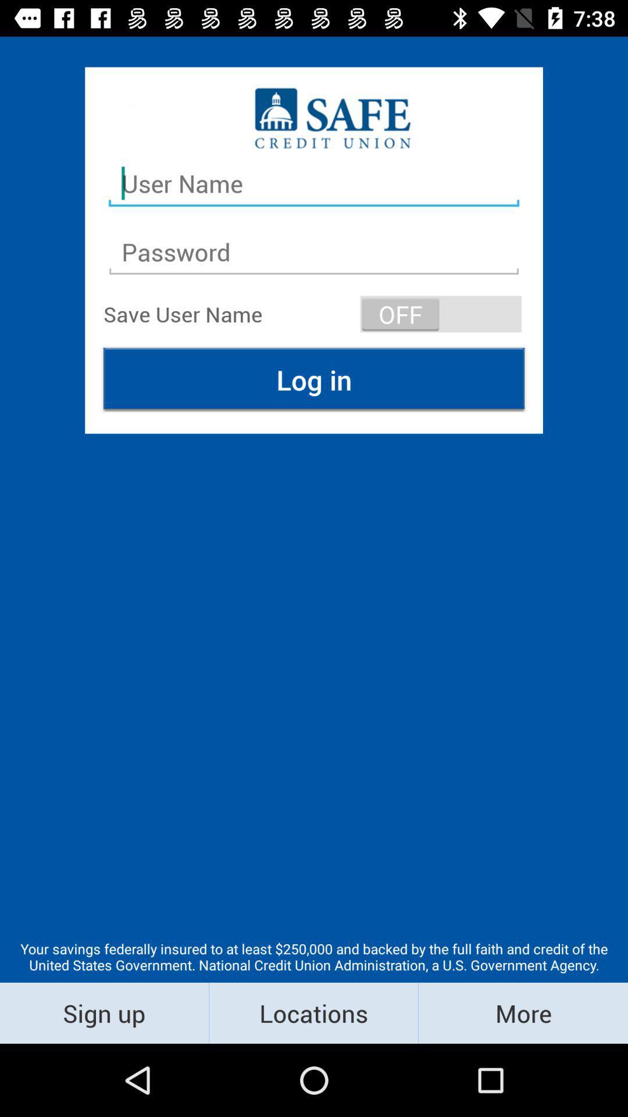 The image size is (628, 1117). I want to click on more item, so click(522, 1012).